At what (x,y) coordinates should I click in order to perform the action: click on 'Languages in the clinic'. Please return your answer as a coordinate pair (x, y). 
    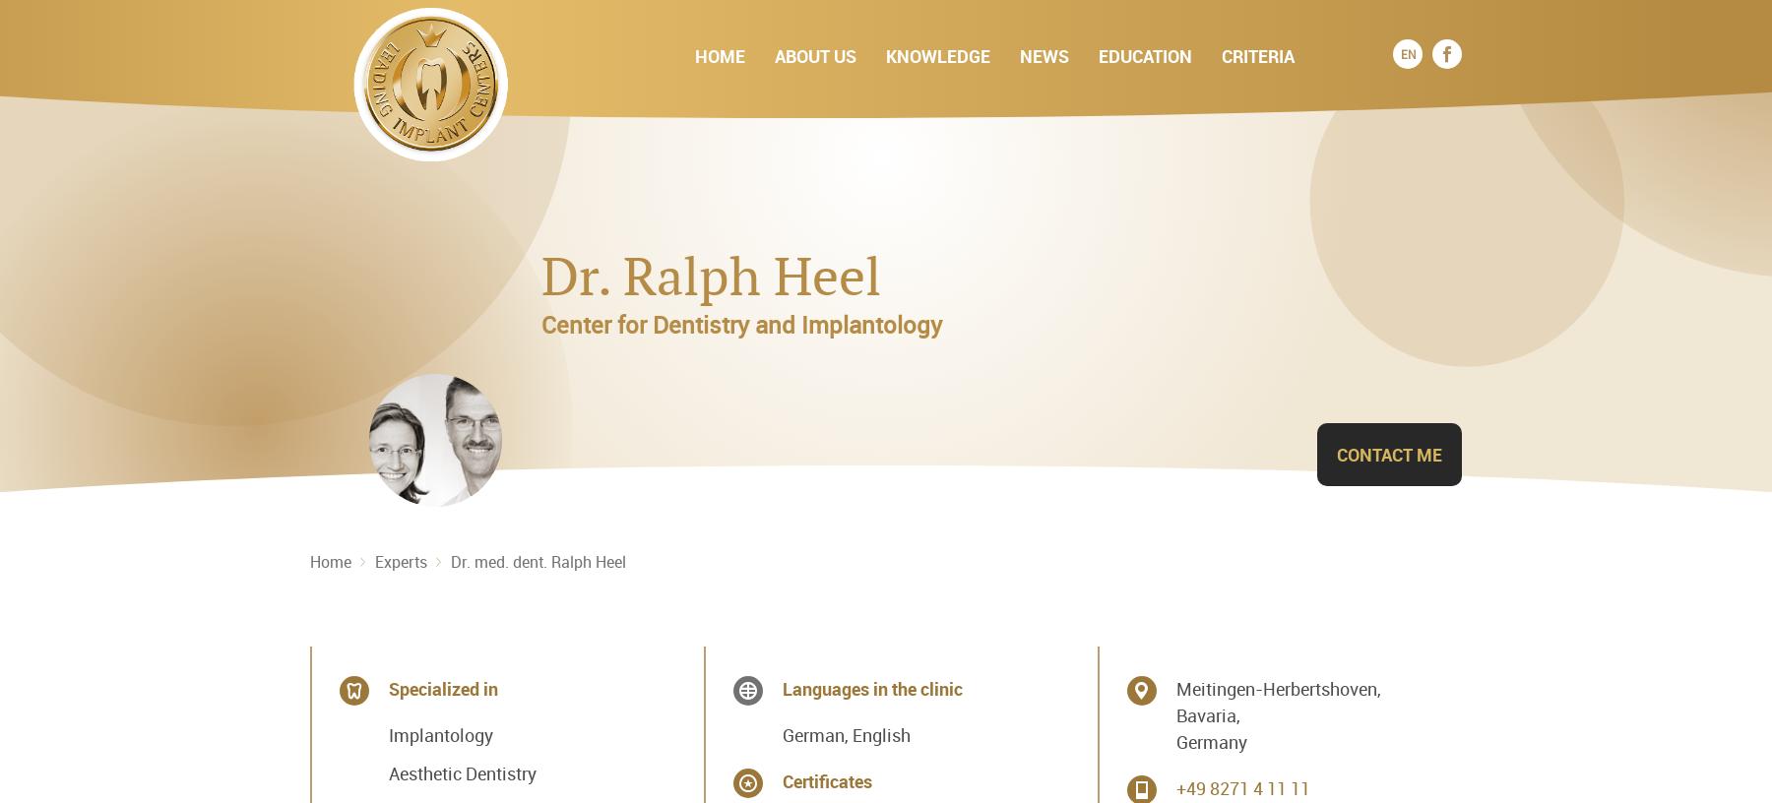
    Looking at the image, I should click on (871, 687).